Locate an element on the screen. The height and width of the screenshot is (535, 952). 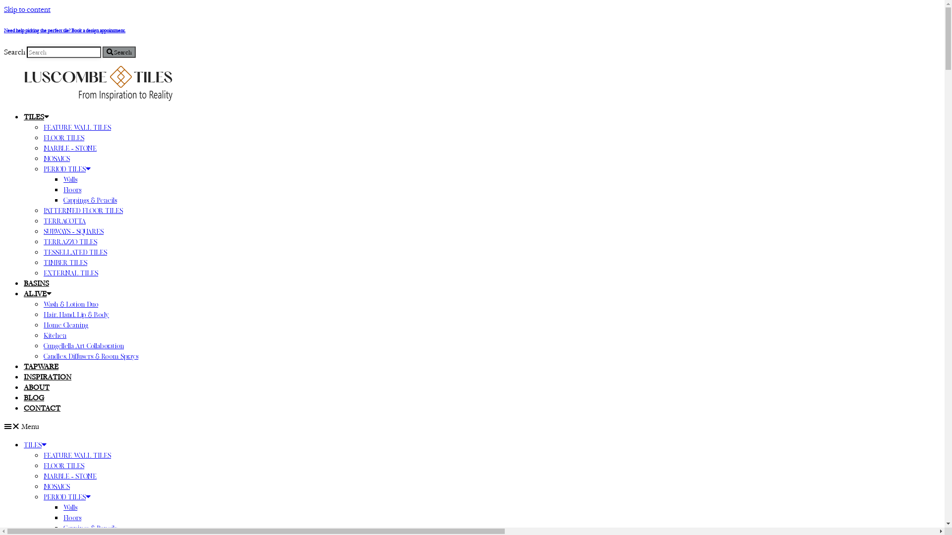
'Candles, Diffusers & Room Sprays' is located at coordinates (91, 355).